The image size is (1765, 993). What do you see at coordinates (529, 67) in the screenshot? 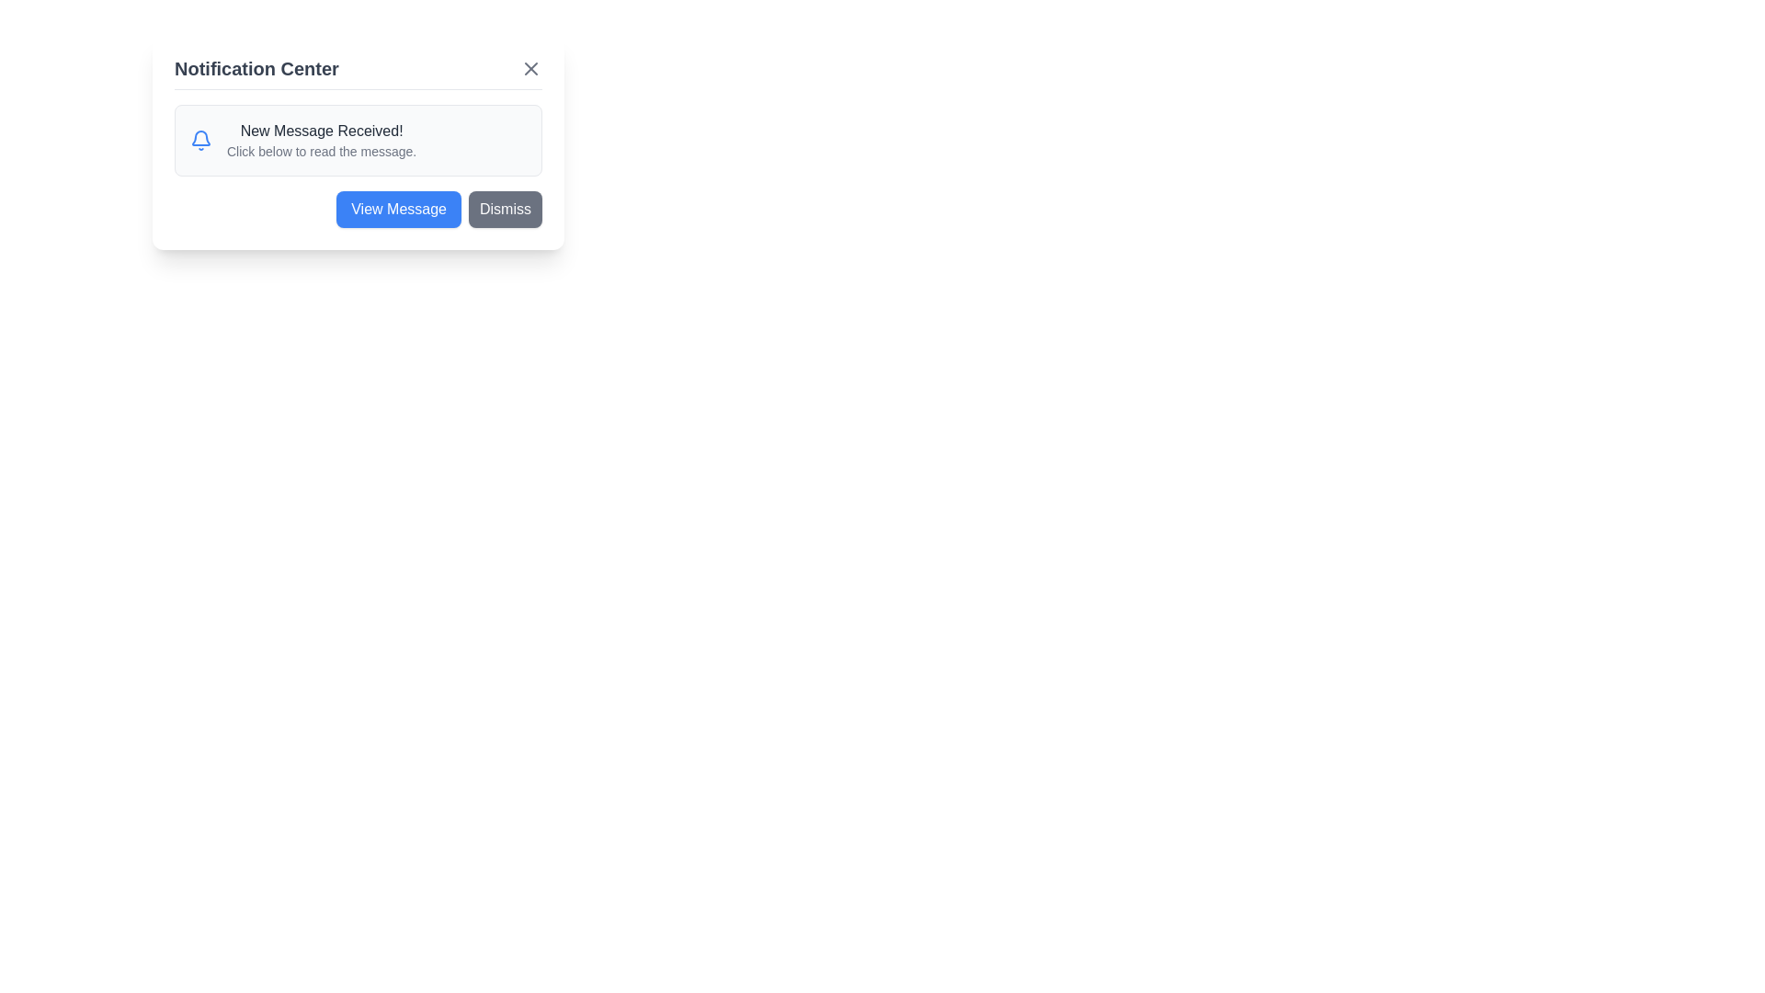
I see `the small gray-colored cross icon close button located in the top-right corner of the Notification Center popup` at bounding box center [529, 67].